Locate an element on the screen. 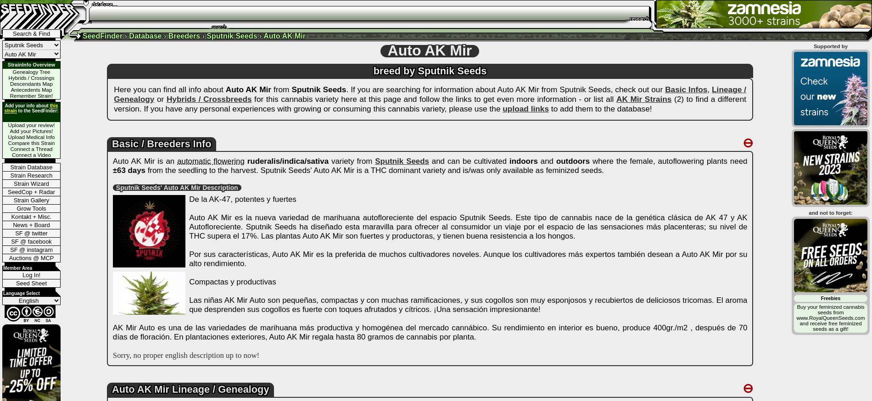 This screenshot has height=401, width=872. 'for this cannabis variety here at this page and follow the links to get even more information - or list all' is located at coordinates (433, 98).